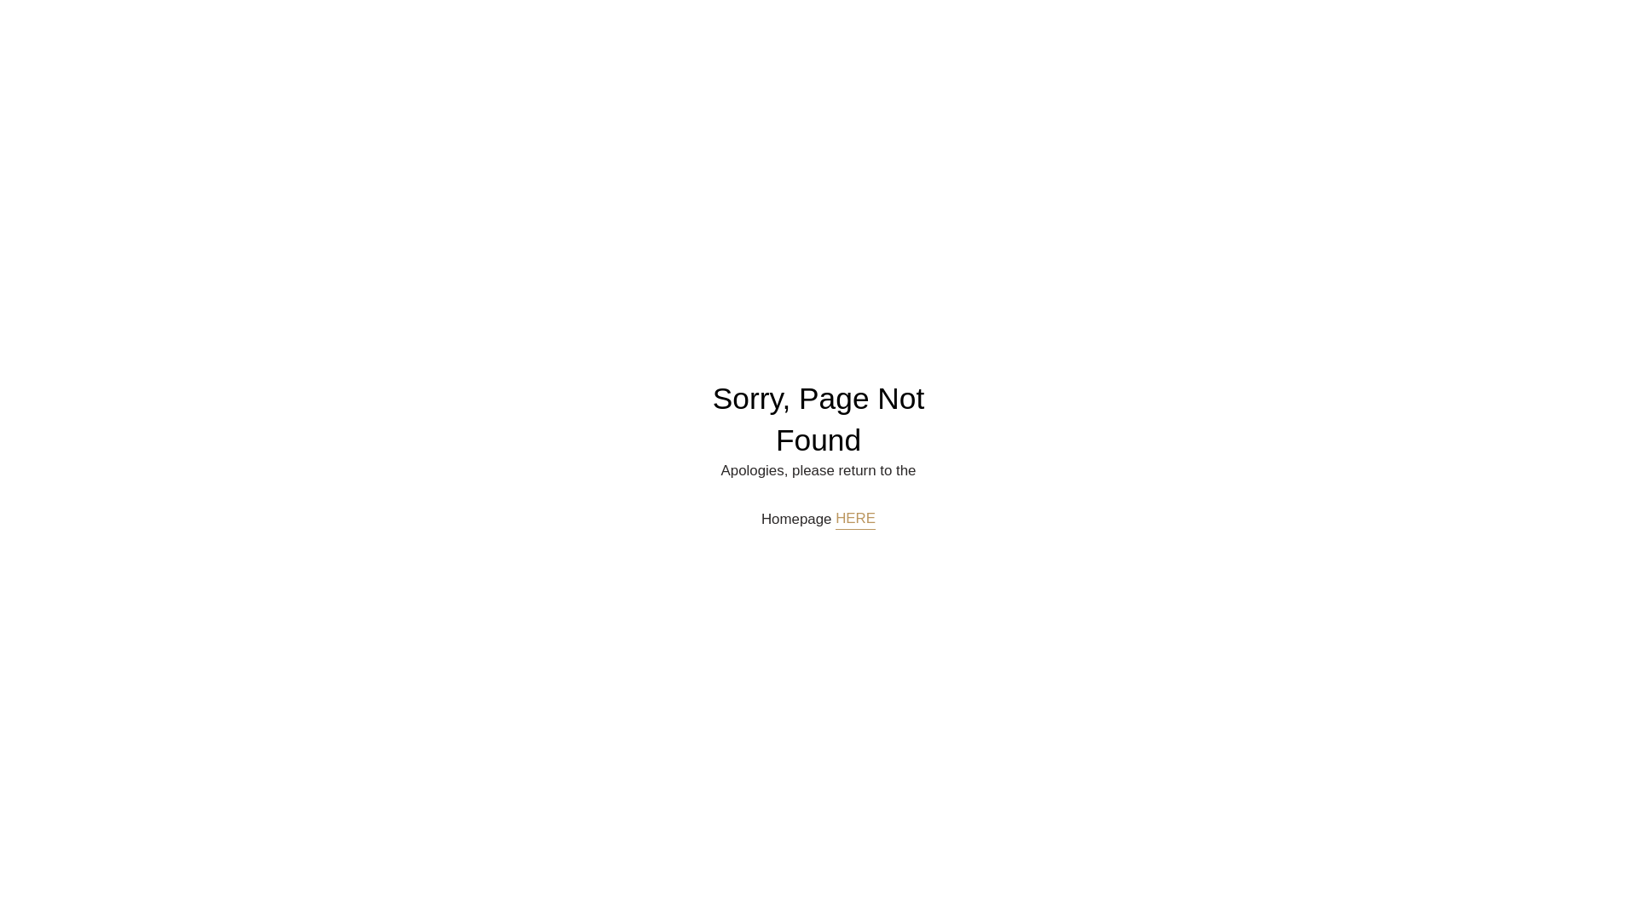 This screenshot has width=1637, height=920. Describe the element at coordinates (835, 518) in the screenshot. I see `'HERE'` at that location.